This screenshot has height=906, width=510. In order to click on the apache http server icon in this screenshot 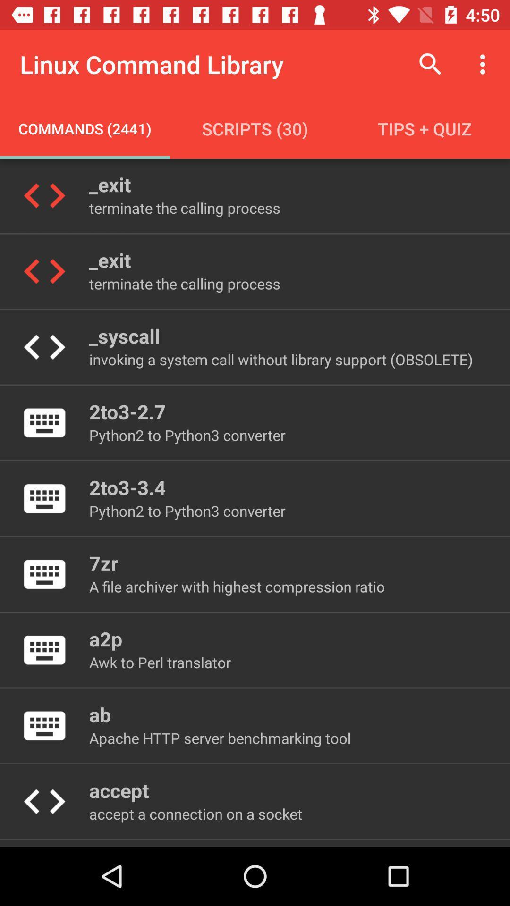, I will do `click(220, 738)`.